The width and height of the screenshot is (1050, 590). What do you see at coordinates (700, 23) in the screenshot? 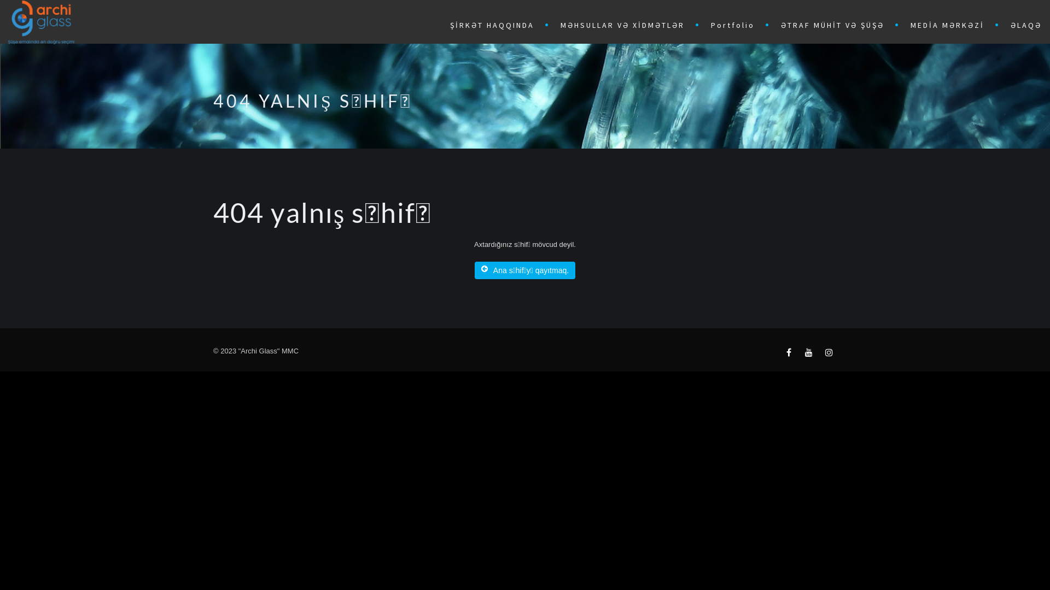
I see `'Portfolio'` at bounding box center [700, 23].